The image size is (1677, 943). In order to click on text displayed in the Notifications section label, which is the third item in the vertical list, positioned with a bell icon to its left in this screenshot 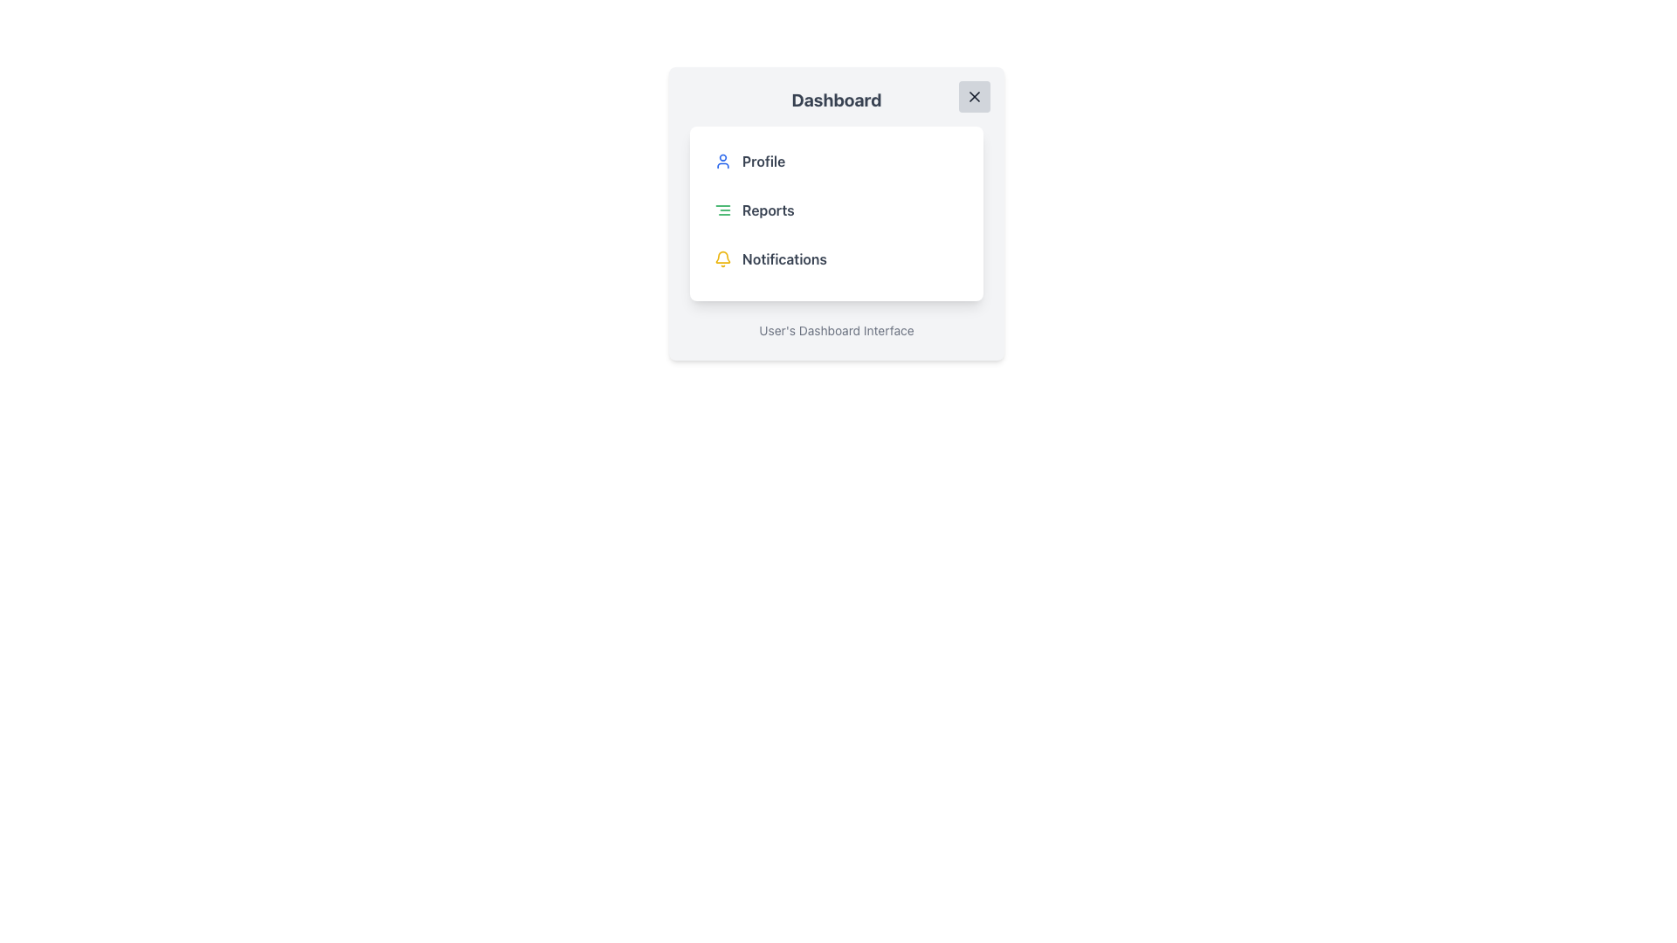, I will do `click(783, 259)`.